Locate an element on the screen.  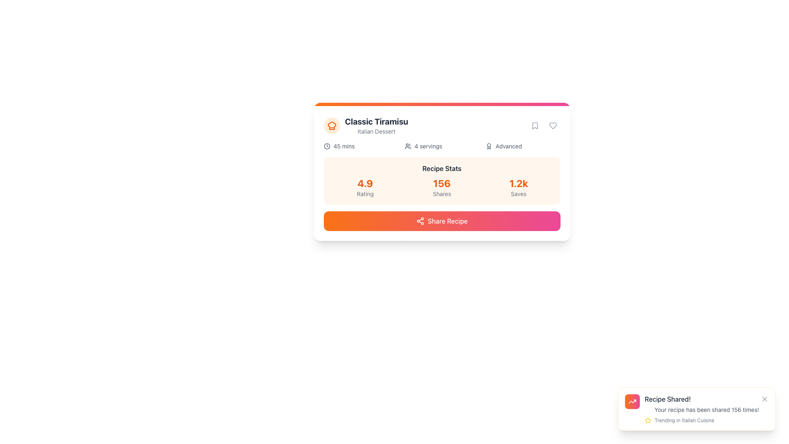
the SVG graphical element that serves as a bookmark indicator located in the top-right corner of the card is located at coordinates (535, 125).